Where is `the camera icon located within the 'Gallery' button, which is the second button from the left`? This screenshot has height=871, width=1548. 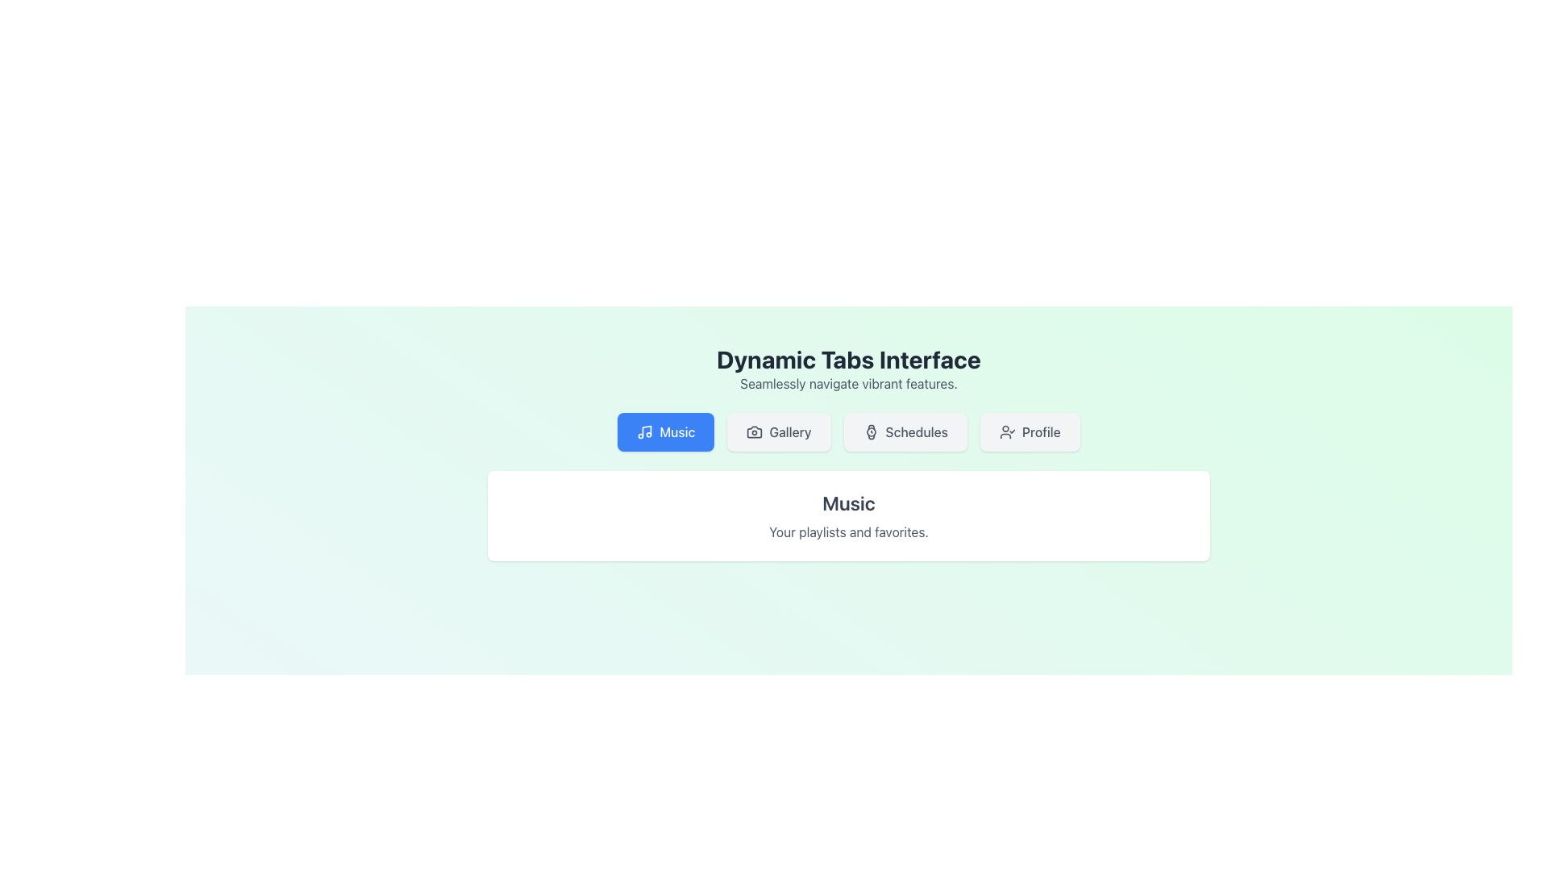
the camera icon located within the 'Gallery' button, which is the second button from the left is located at coordinates (754, 431).